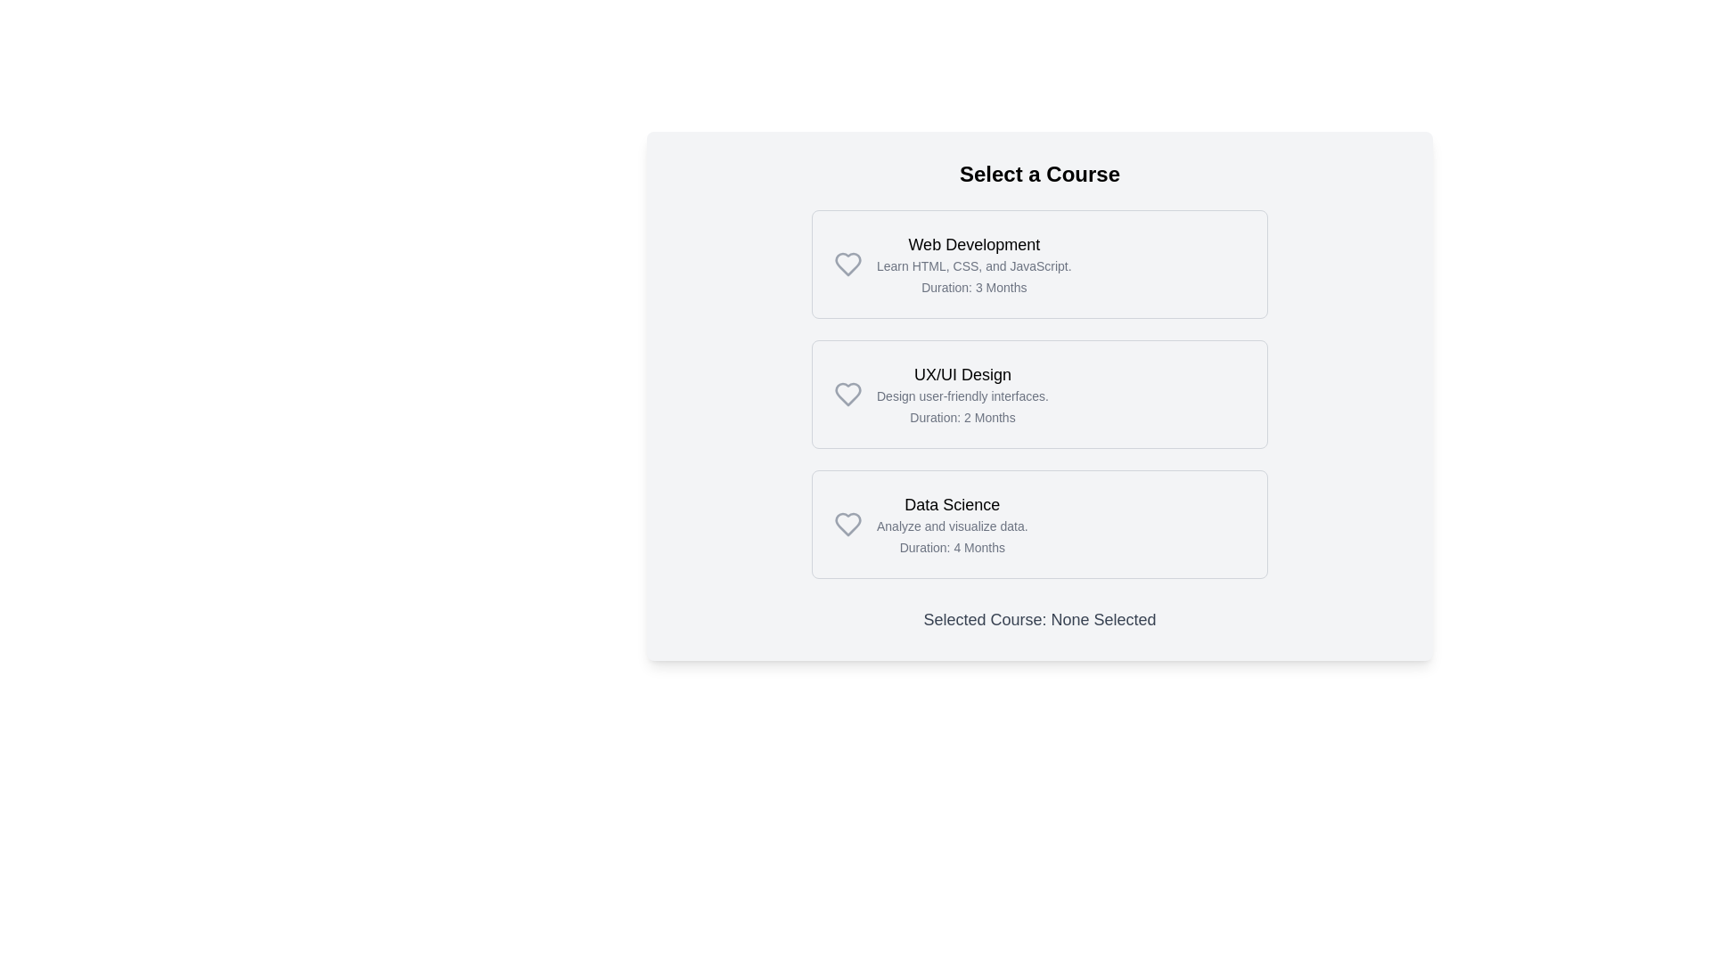 The width and height of the screenshot is (1711, 962). What do you see at coordinates (847, 394) in the screenshot?
I see `the heart-shaped icon, which has a gray outline and is positioned to the left of the 'UX/UI Design' course title in the second box of a vertical list` at bounding box center [847, 394].